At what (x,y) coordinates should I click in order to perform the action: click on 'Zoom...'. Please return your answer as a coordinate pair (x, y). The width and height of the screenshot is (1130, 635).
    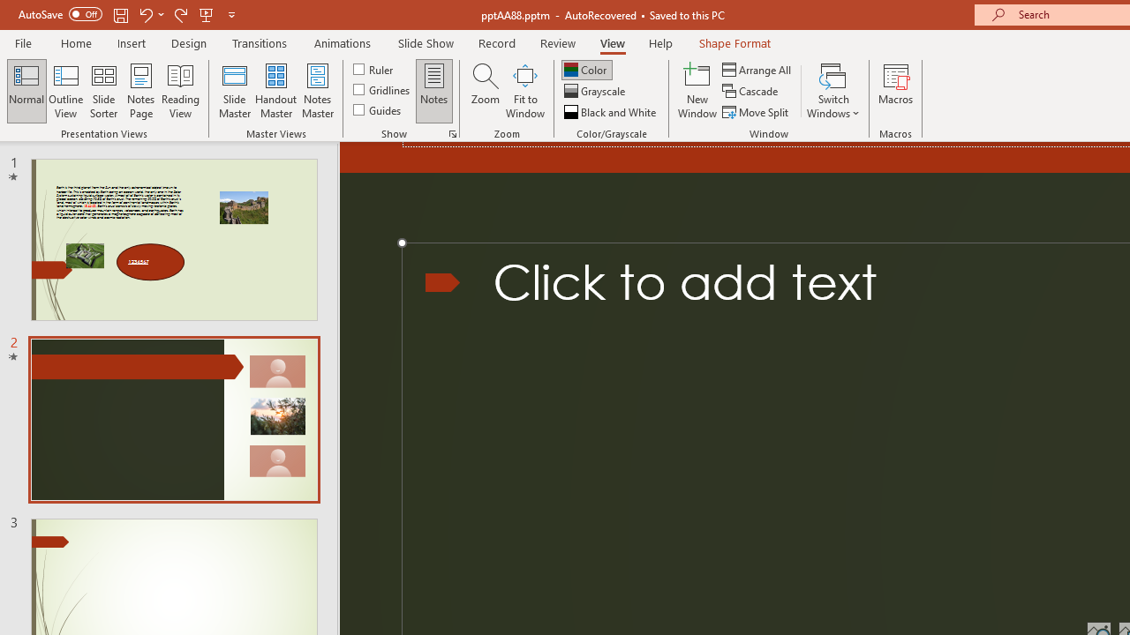
    Looking at the image, I should click on (485, 91).